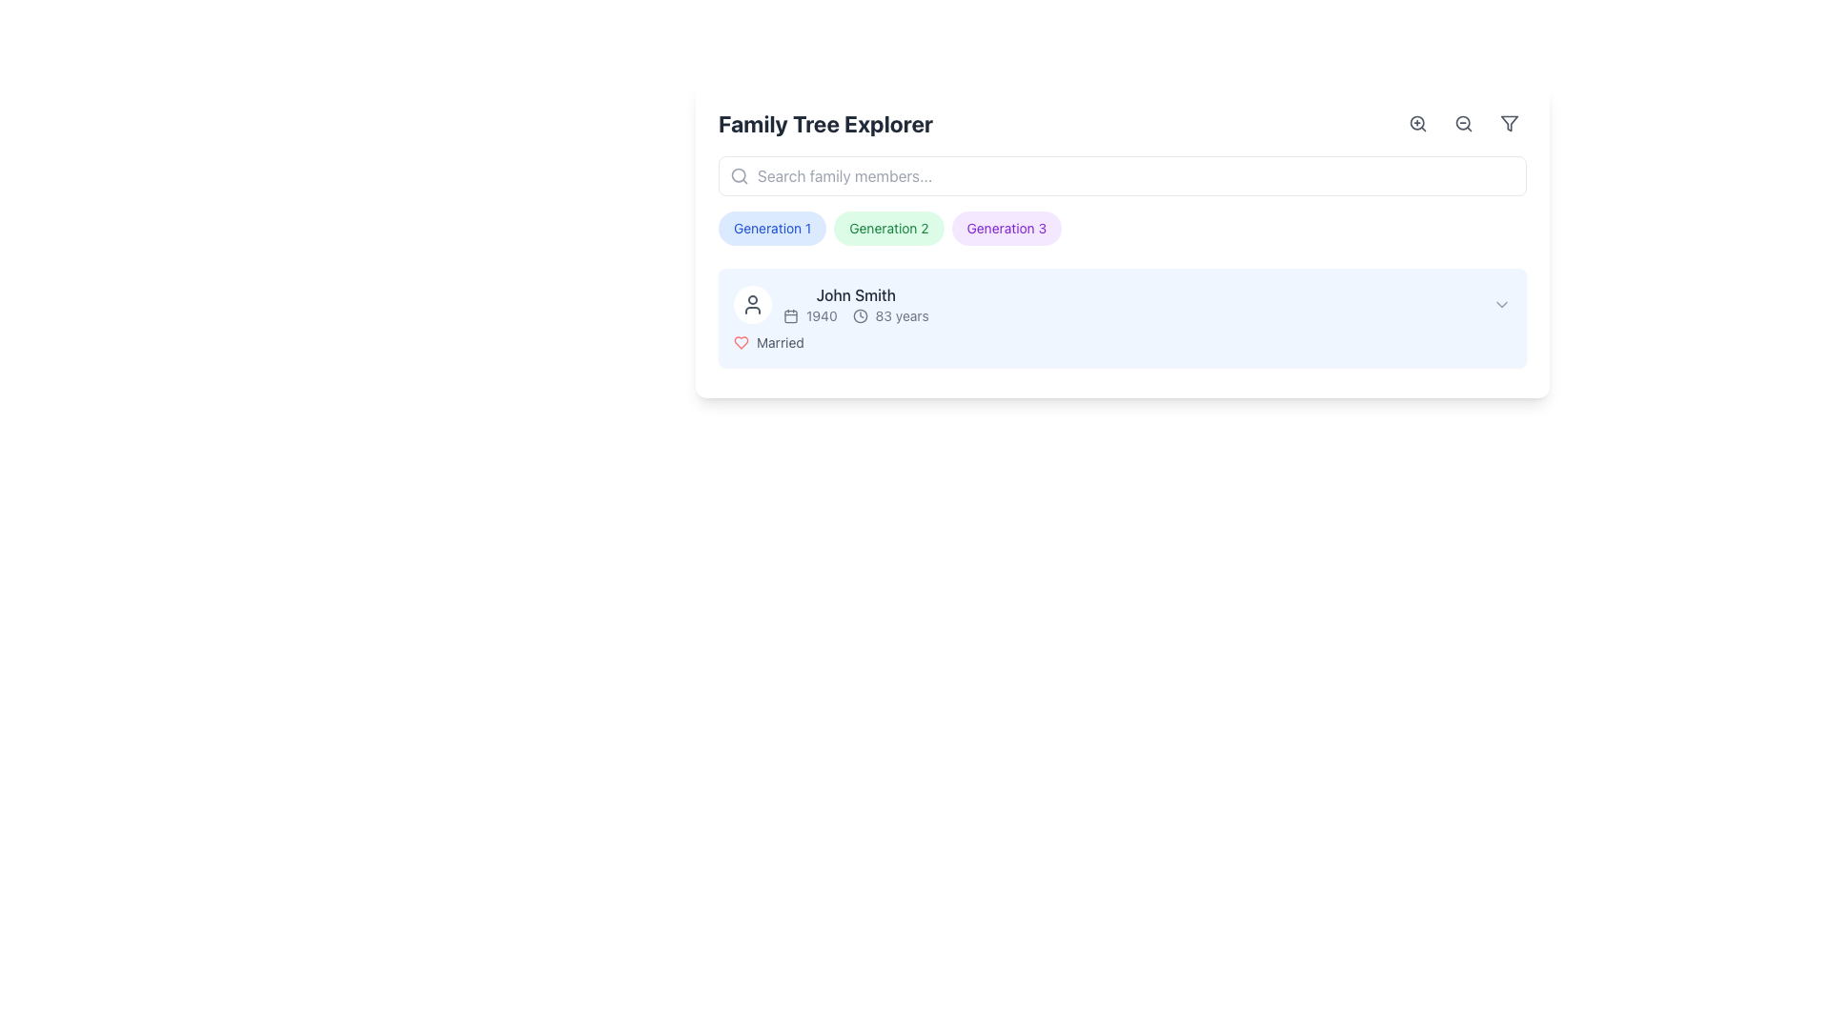 The width and height of the screenshot is (1830, 1029). Describe the element at coordinates (859, 314) in the screenshot. I see `the SVG Circle element that serves as the outermost component of the clock icon, located to the left of the text '1940' in the Family Tree Explorer interface` at that location.